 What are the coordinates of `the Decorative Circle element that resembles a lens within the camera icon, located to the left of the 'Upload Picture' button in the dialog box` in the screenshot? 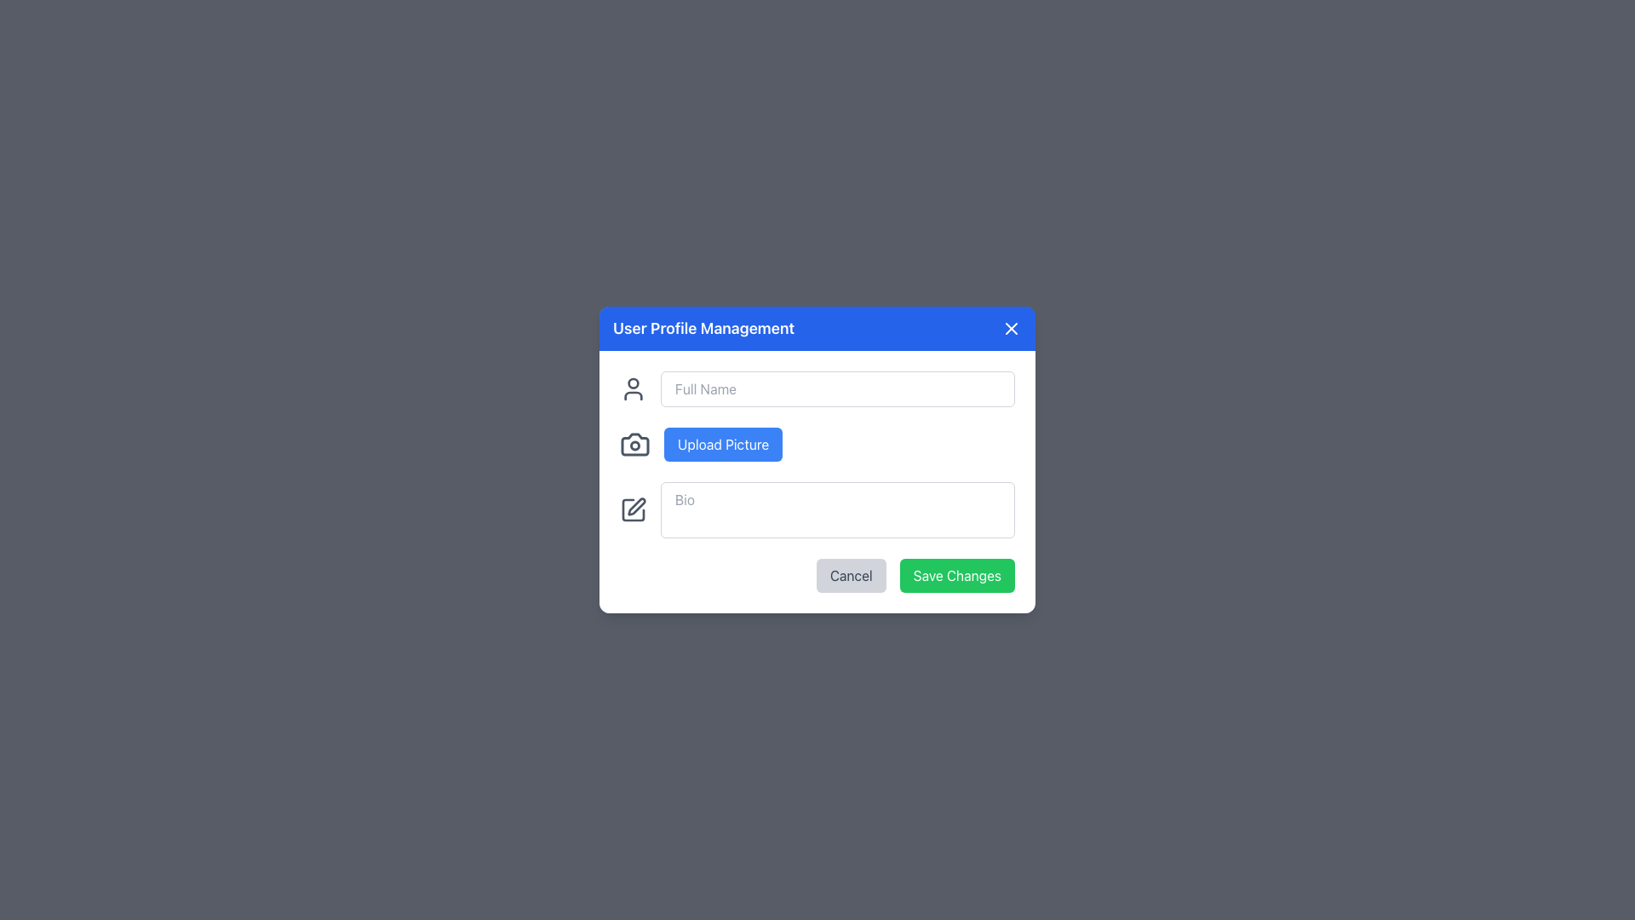 It's located at (634, 445).